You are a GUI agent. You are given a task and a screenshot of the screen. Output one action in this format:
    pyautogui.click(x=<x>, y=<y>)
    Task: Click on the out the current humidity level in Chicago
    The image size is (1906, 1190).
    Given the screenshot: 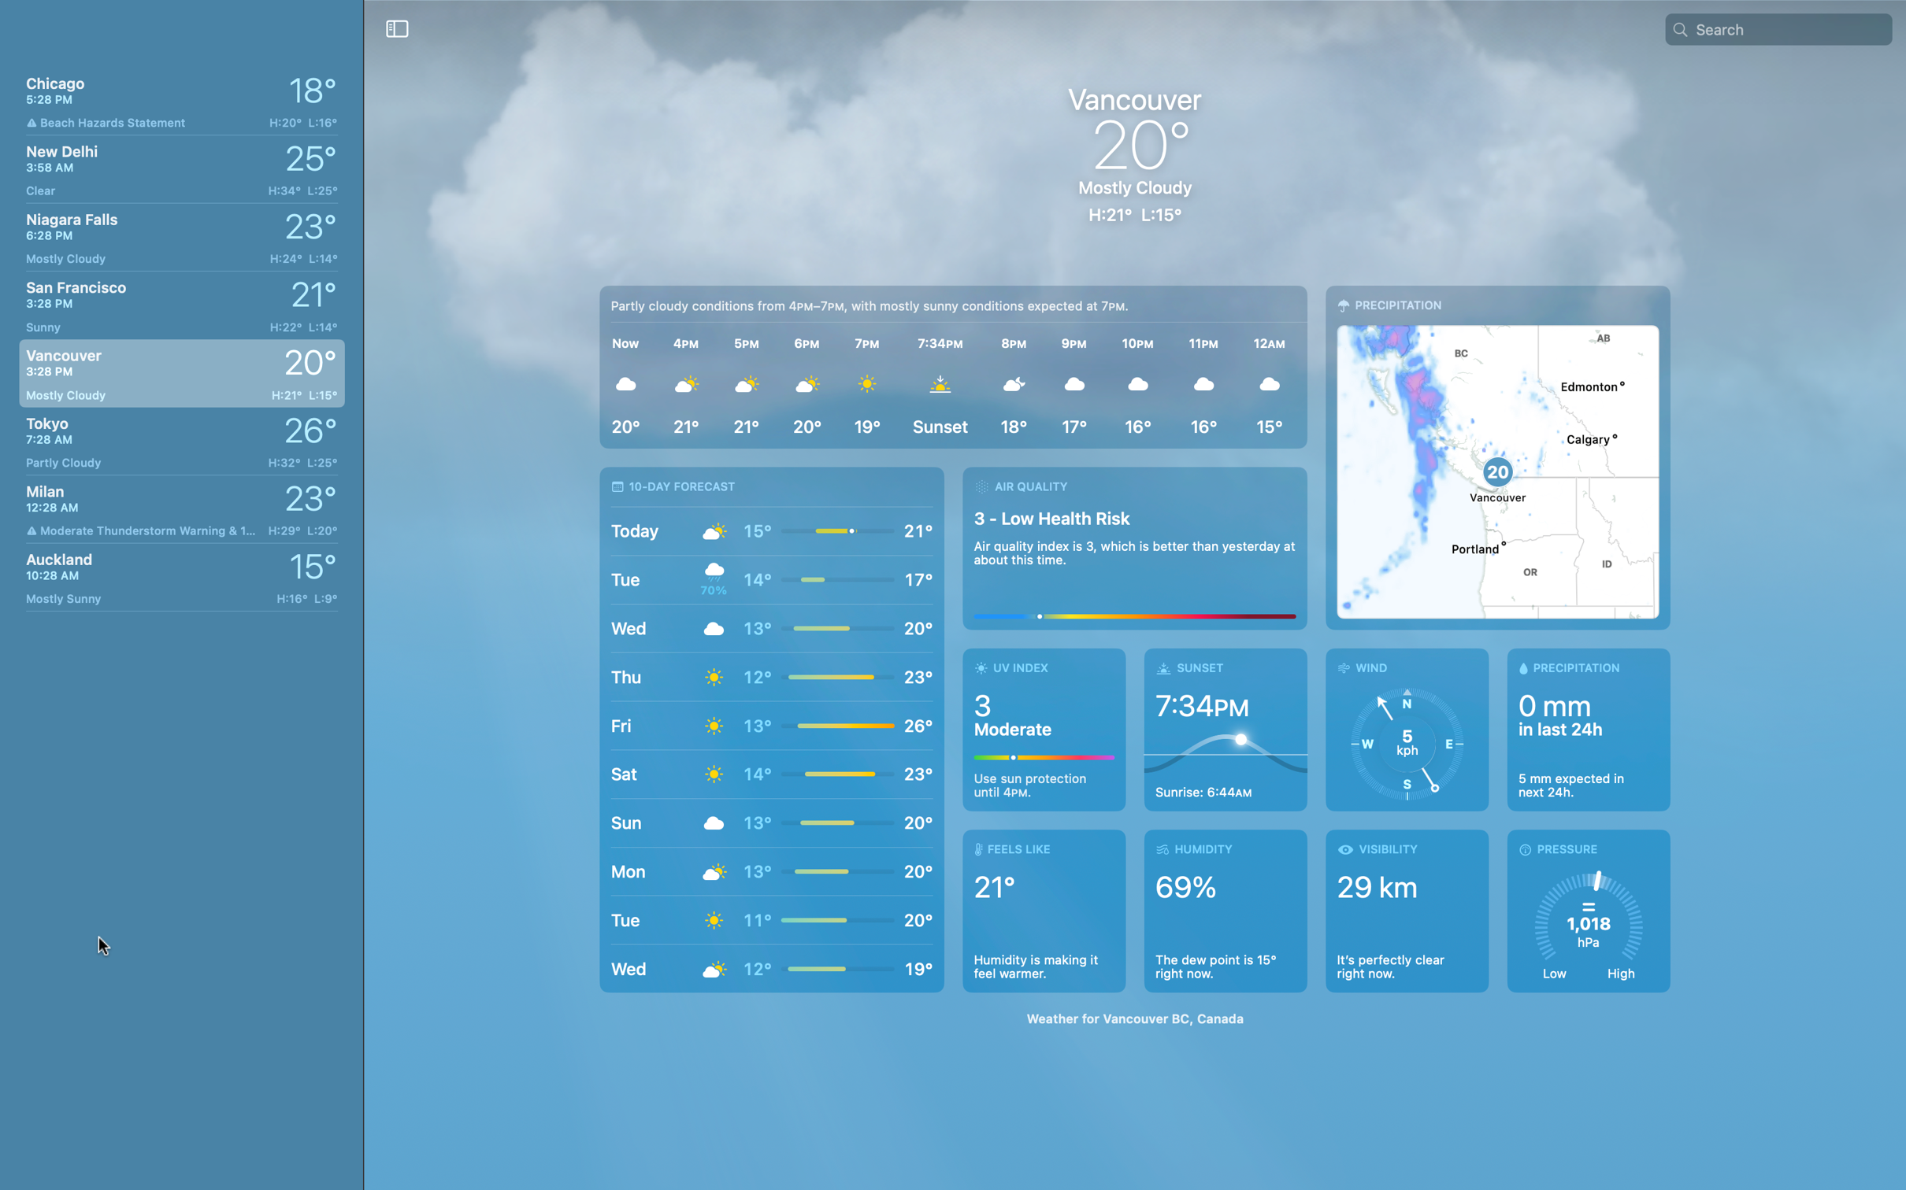 What is the action you would take?
    pyautogui.click(x=1229, y=911)
    